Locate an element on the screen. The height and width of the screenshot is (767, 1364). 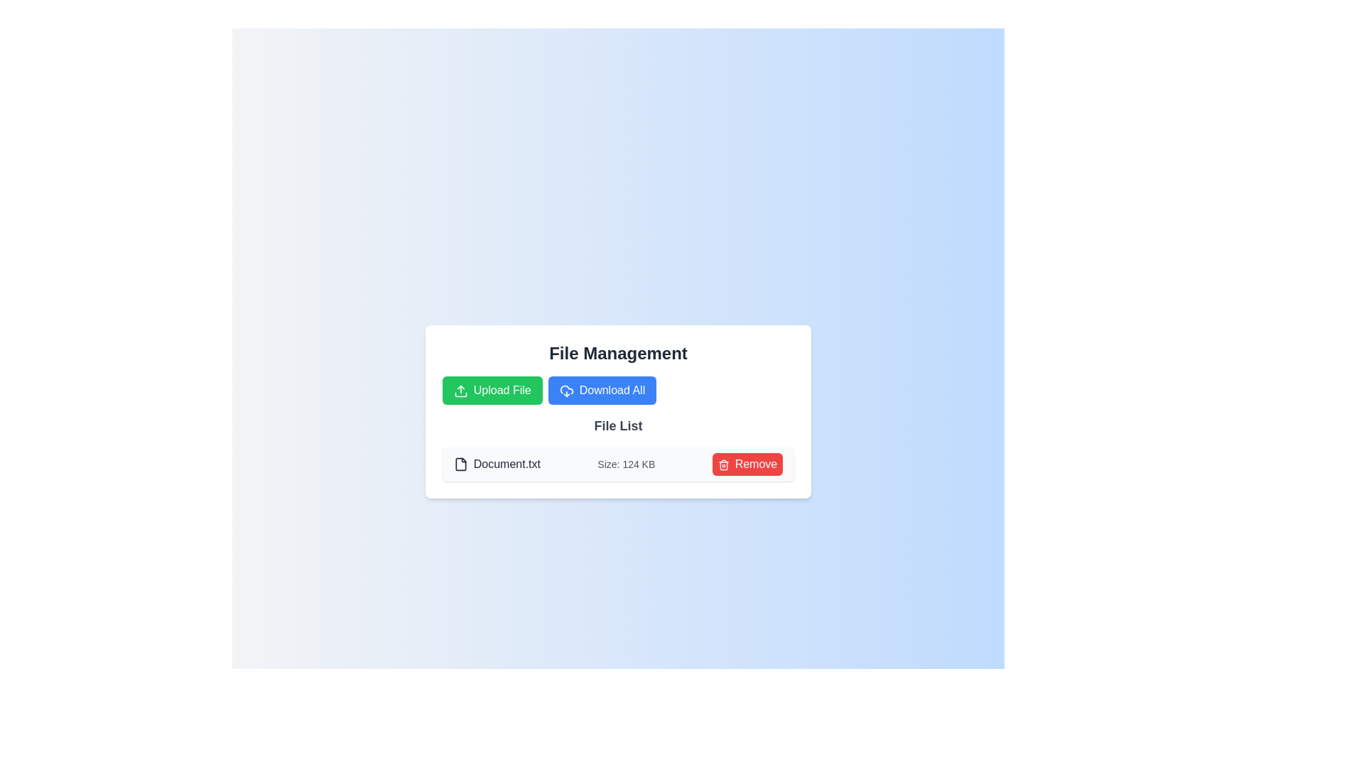
the cloud SVG icon located to the left of the 'Download All' text, which serves as a functional button component is located at coordinates (565, 391).